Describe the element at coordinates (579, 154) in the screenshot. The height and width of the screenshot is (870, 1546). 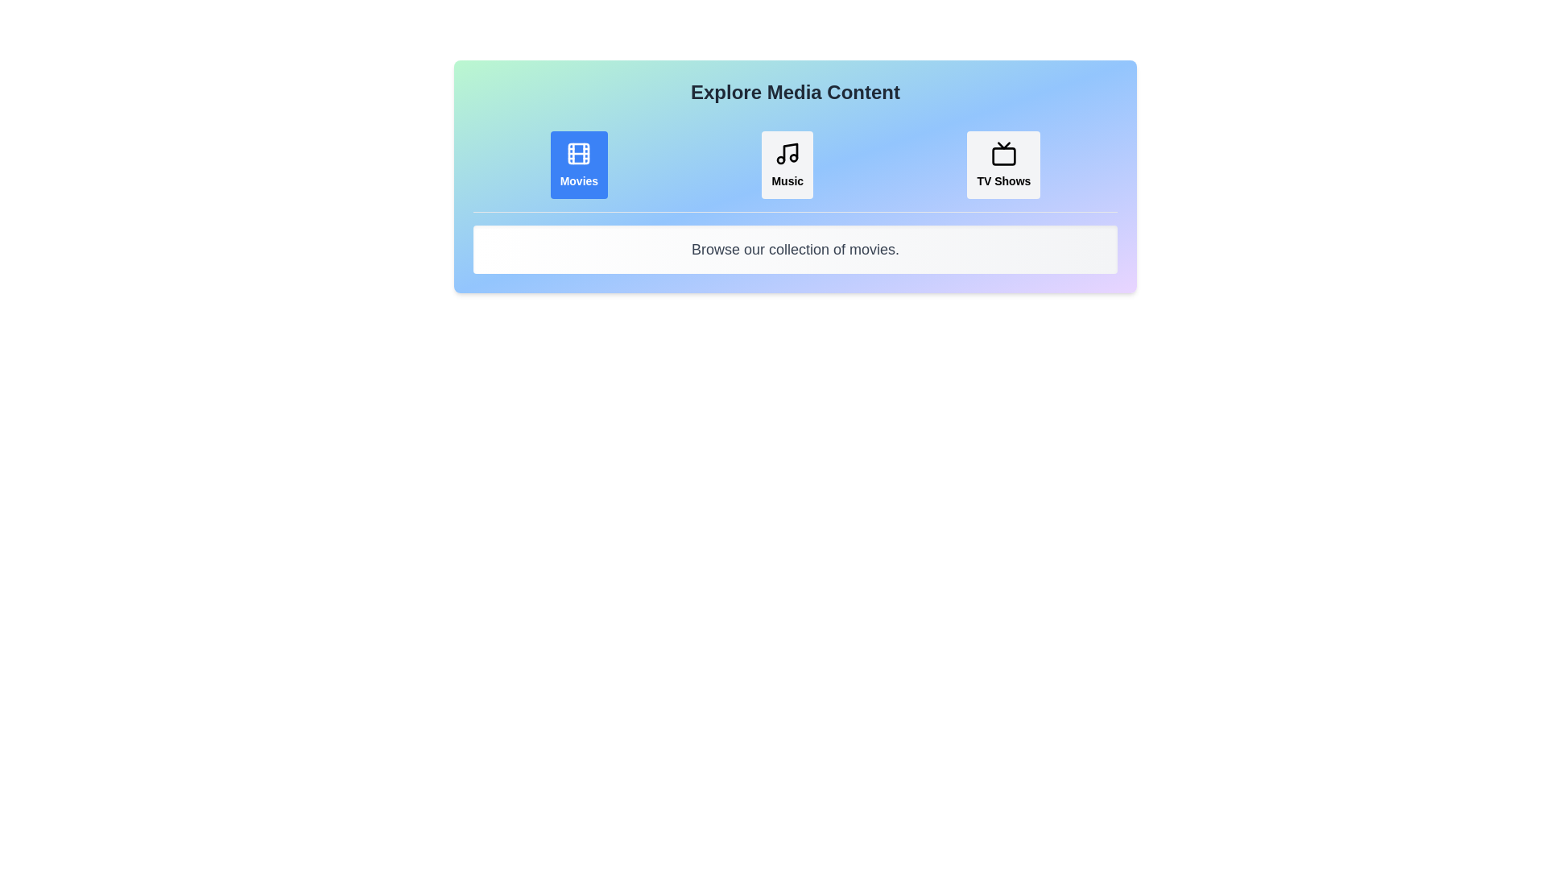
I see `the film reel icon, which is white and set against a square blue background, located within the 'Movies' button at the top left of the feature selection bar` at that location.